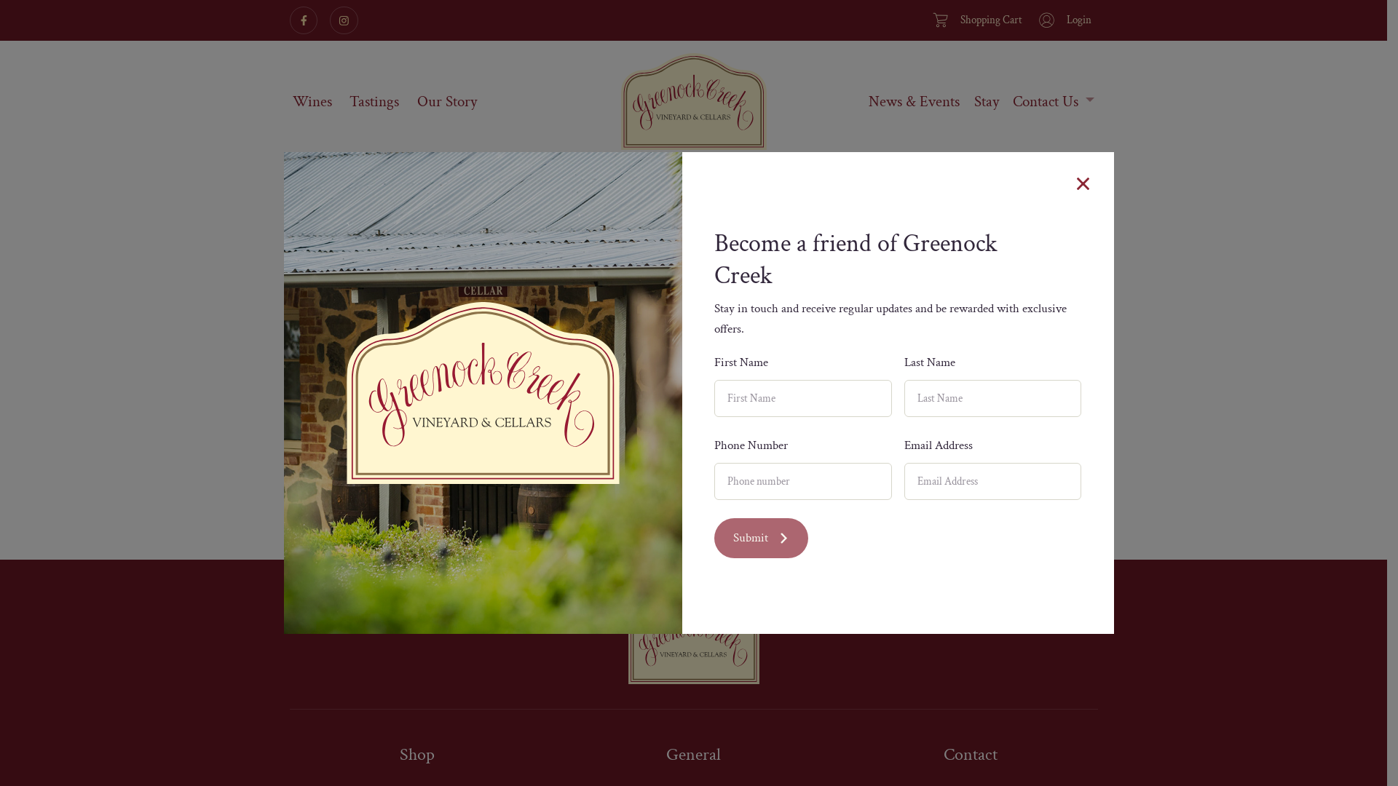 This screenshot has width=1398, height=786. I want to click on 'Login', so click(1062, 20).